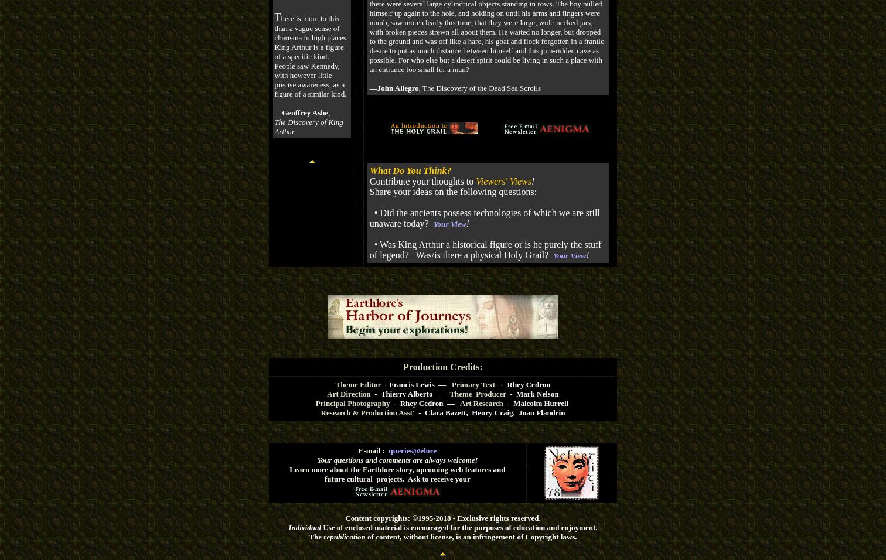 The height and width of the screenshot is (560, 886). What do you see at coordinates (329, 112) in the screenshot?
I see `','` at bounding box center [329, 112].